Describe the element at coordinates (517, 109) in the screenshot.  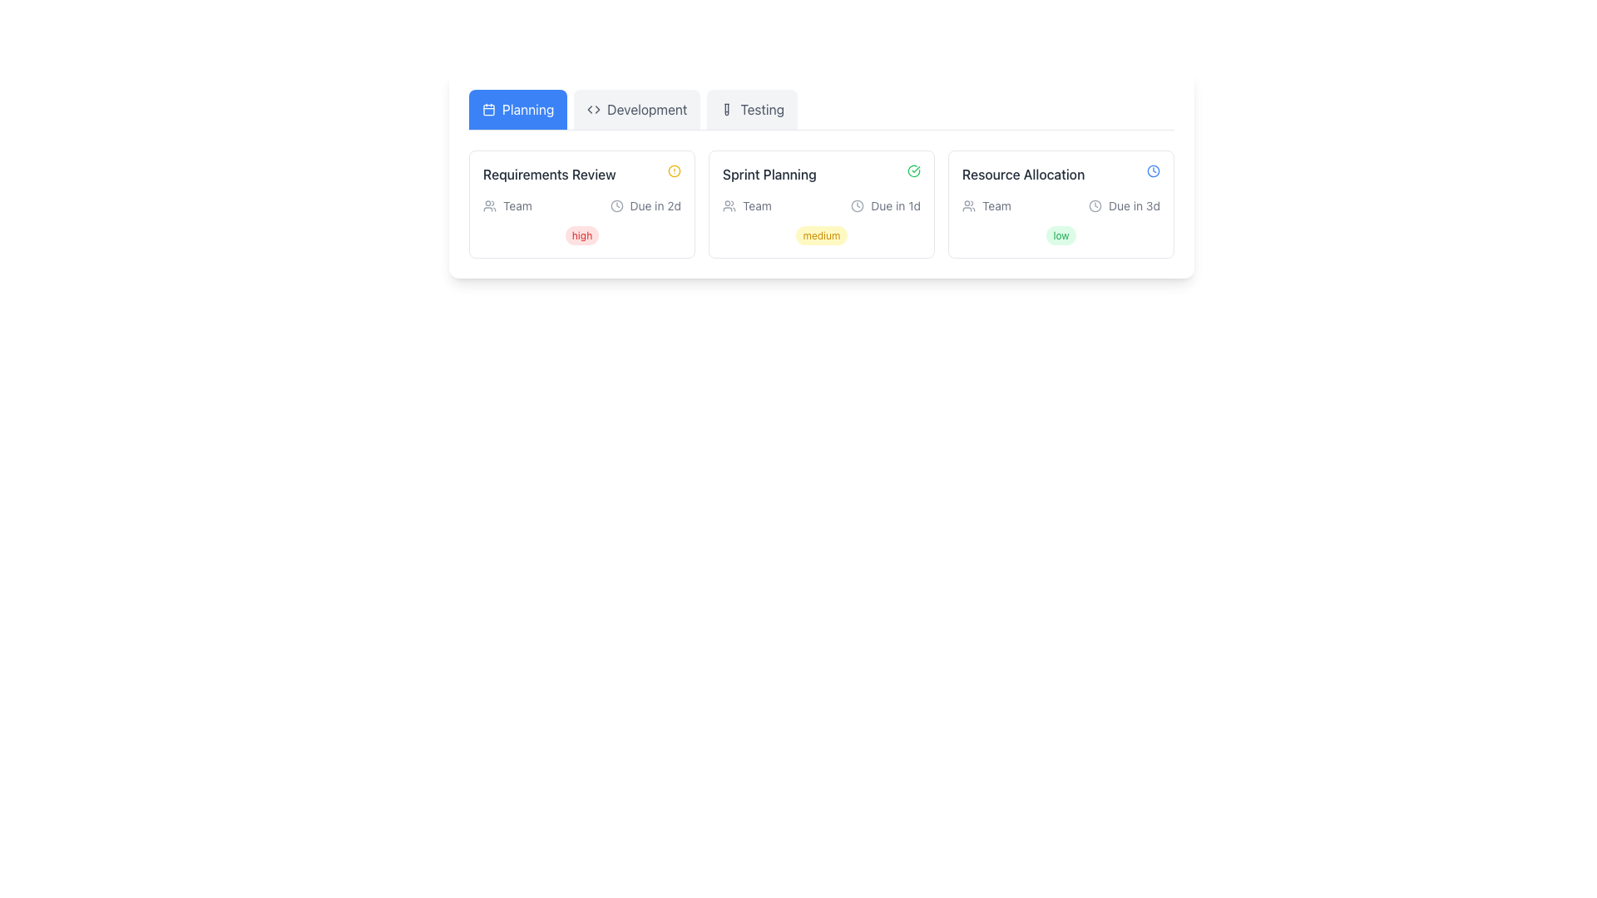
I see `the 'Planning' tab, which has a blue background and white text with a calendar icon` at that location.